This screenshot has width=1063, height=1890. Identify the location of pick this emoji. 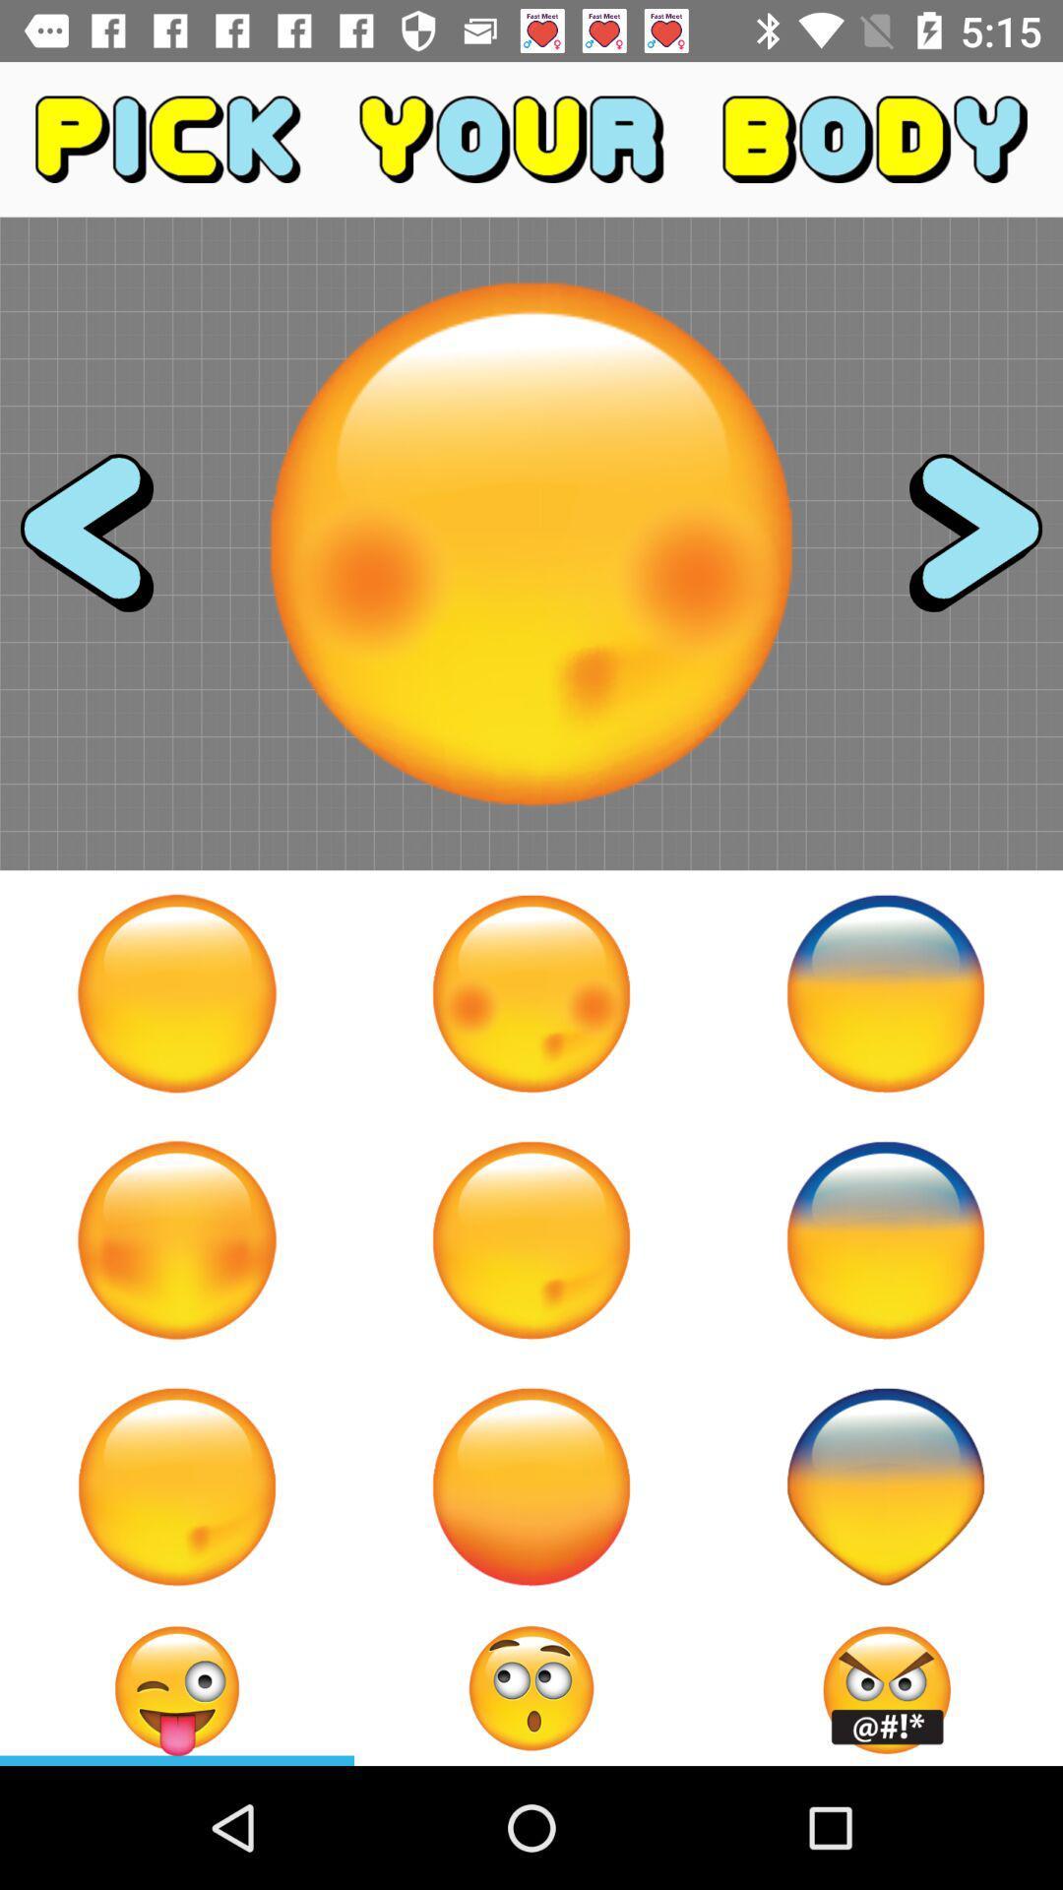
(531, 1486).